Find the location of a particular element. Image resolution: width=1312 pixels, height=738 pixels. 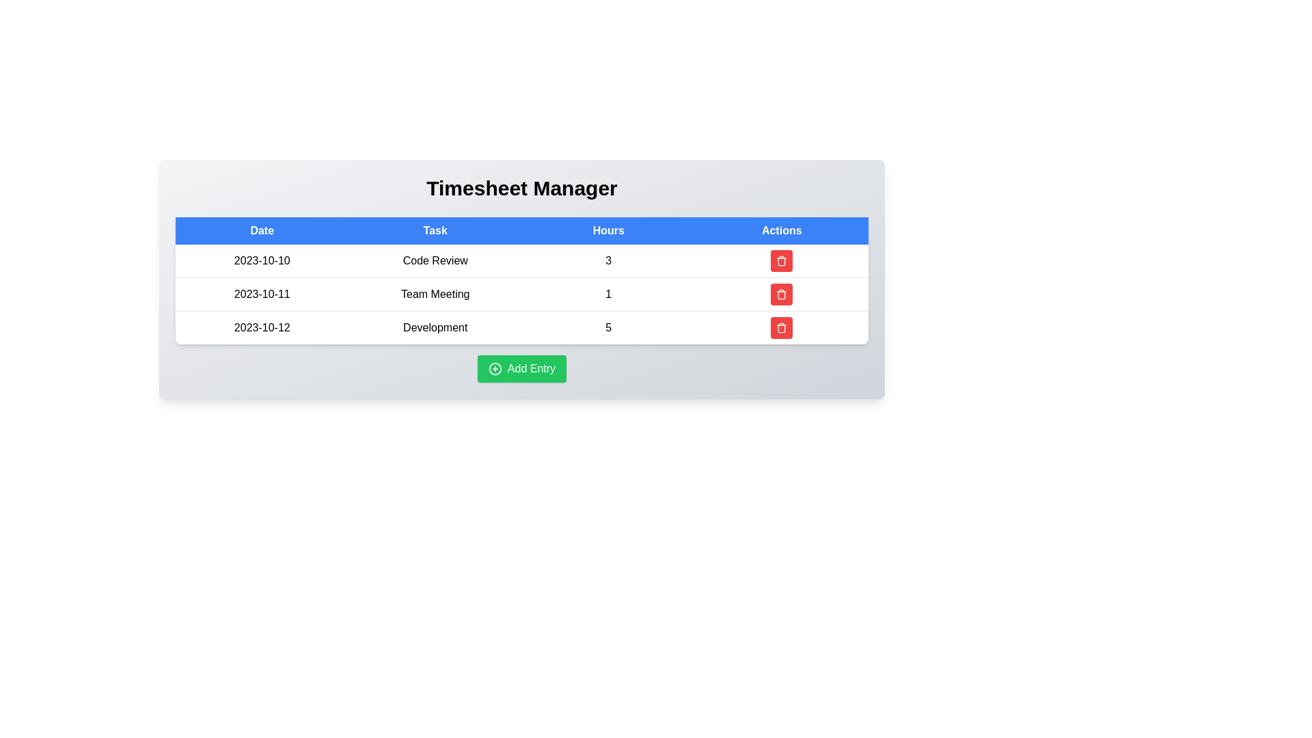

the delete button located in the last column of the first row of the table under the 'Actions' header, adjacent to the '3' cell in the 'Hours' column for the row labeled '2023-10-10' and 'Code Review' is located at coordinates (782, 261).